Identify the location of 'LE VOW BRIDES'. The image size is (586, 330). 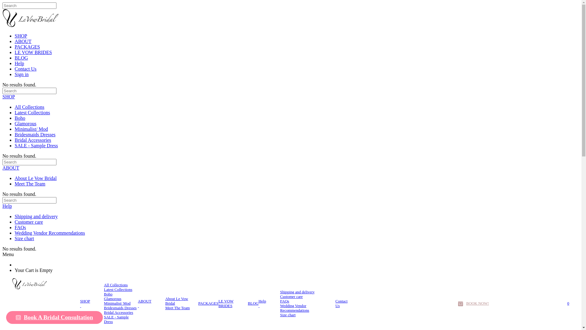
(33, 52).